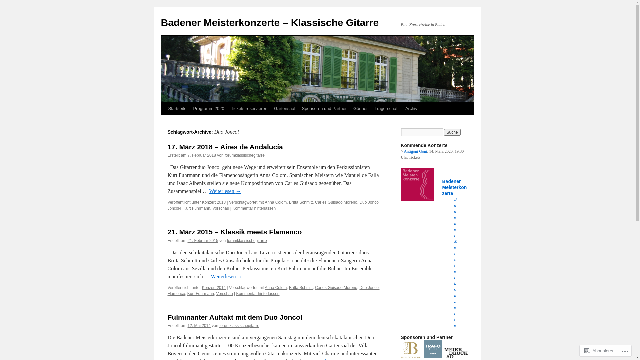  Describe the element at coordinates (201, 155) in the screenshot. I see `'7. Februar 2018'` at that location.